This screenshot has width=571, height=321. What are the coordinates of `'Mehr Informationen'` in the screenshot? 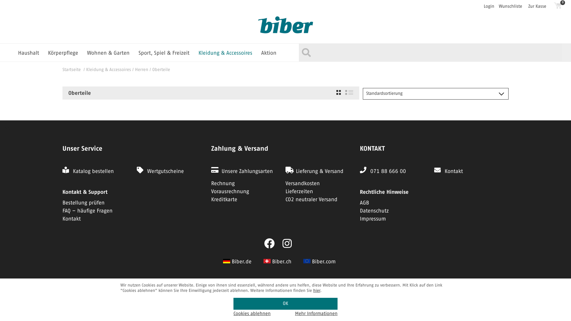 It's located at (295, 314).